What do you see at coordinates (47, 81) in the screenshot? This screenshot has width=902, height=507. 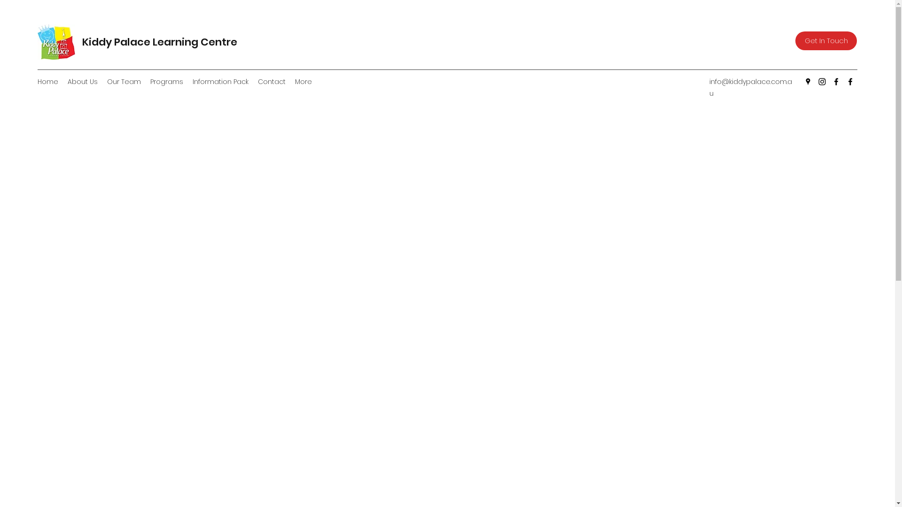 I see `'Home'` at bounding box center [47, 81].